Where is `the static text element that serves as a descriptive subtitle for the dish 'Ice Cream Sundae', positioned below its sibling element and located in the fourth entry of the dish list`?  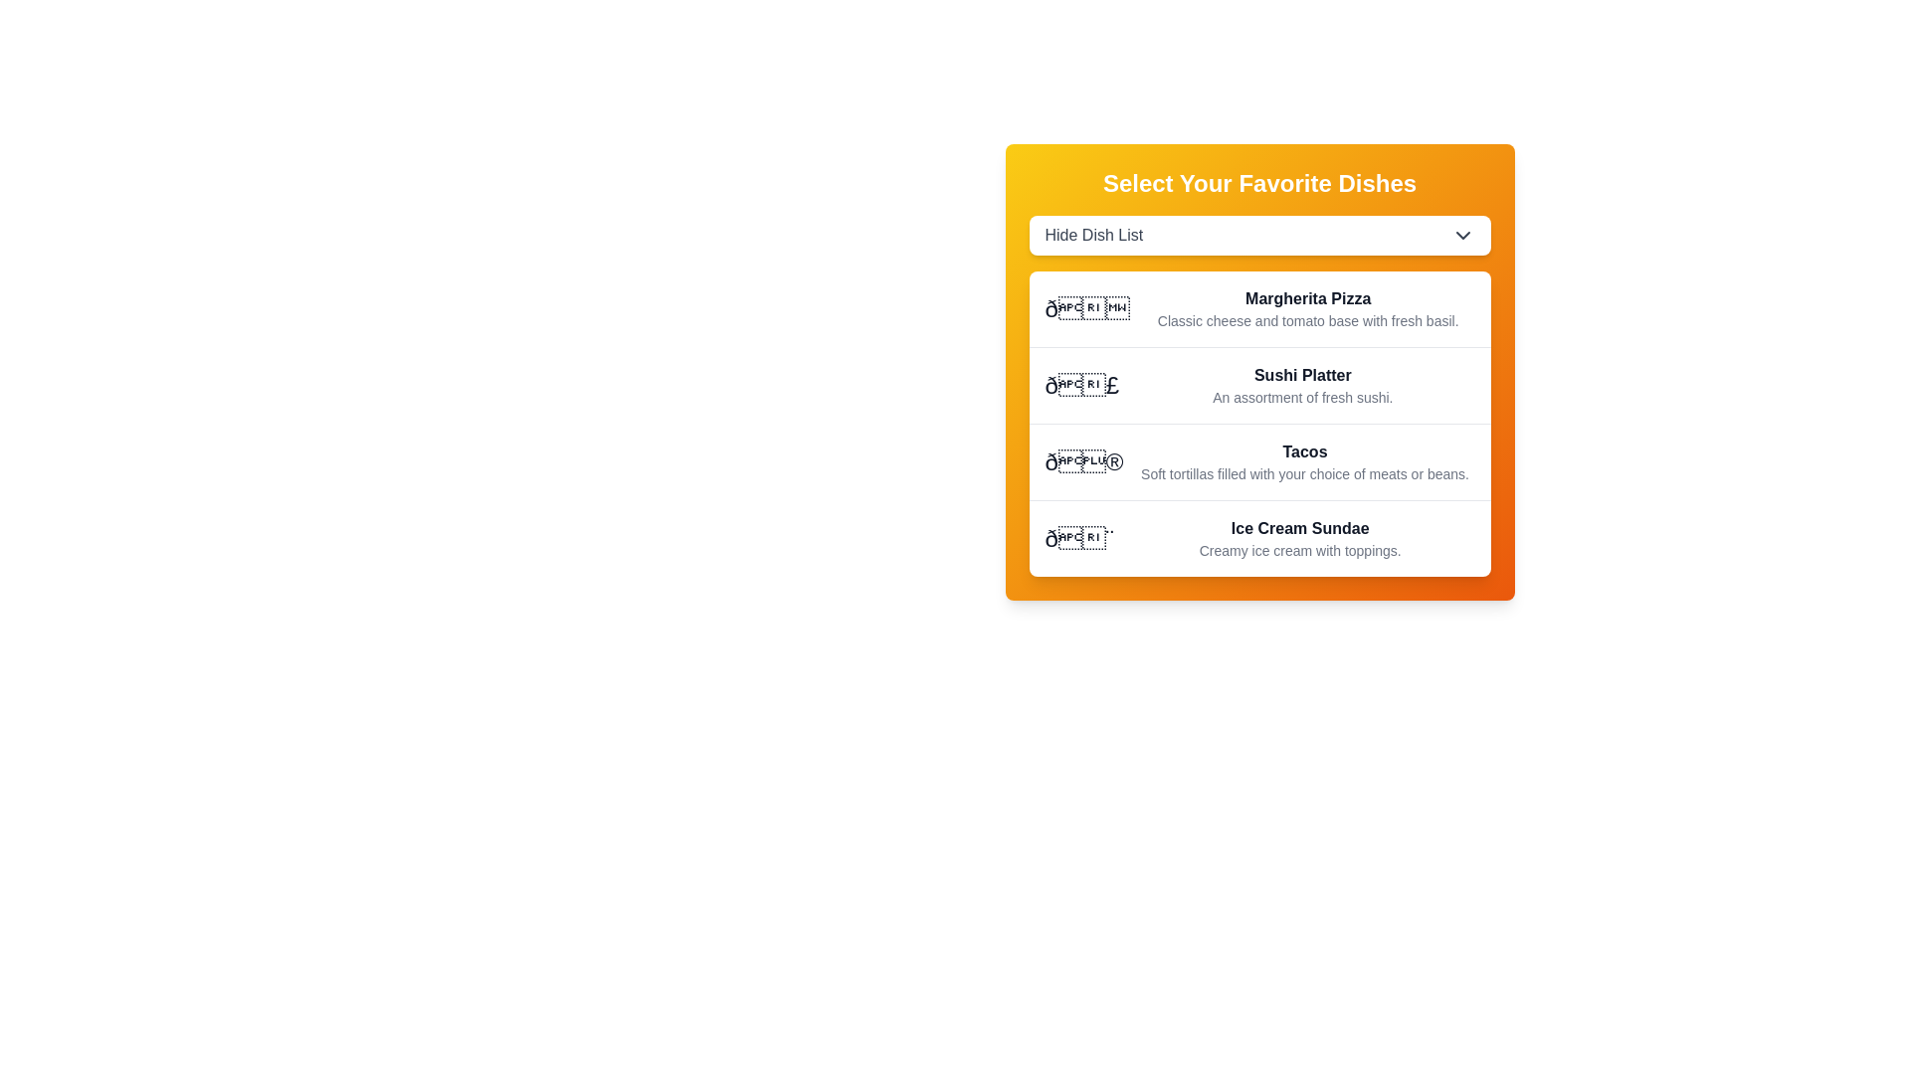 the static text element that serves as a descriptive subtitle for the dish 'Ice Cream Sundae', positioned below its sibling element and located in the fourth entry of the dish list is located at coordinates (1300, 551).